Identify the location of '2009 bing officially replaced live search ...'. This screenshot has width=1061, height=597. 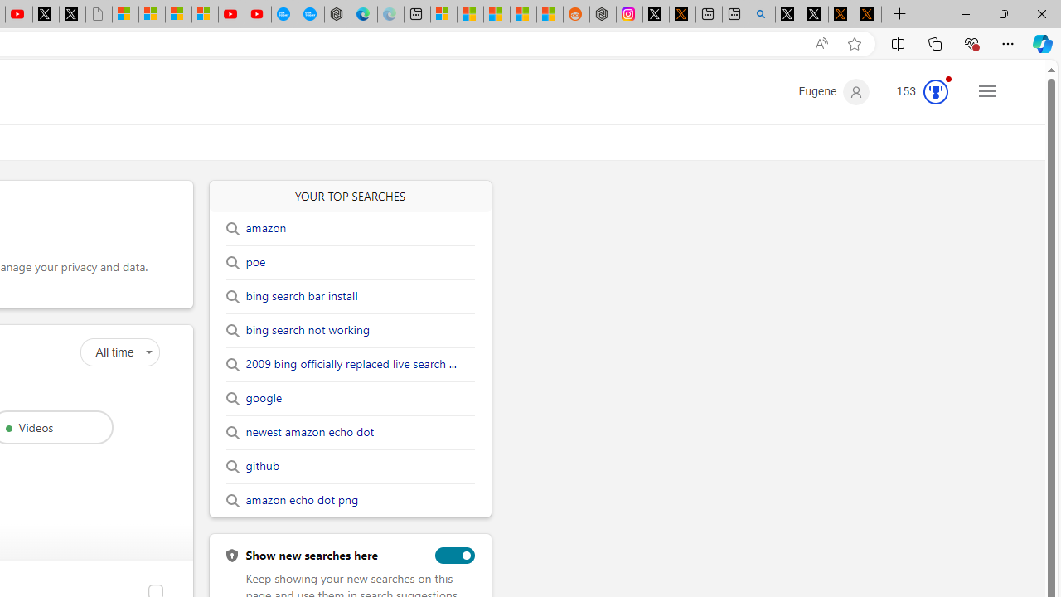
(350, 363).